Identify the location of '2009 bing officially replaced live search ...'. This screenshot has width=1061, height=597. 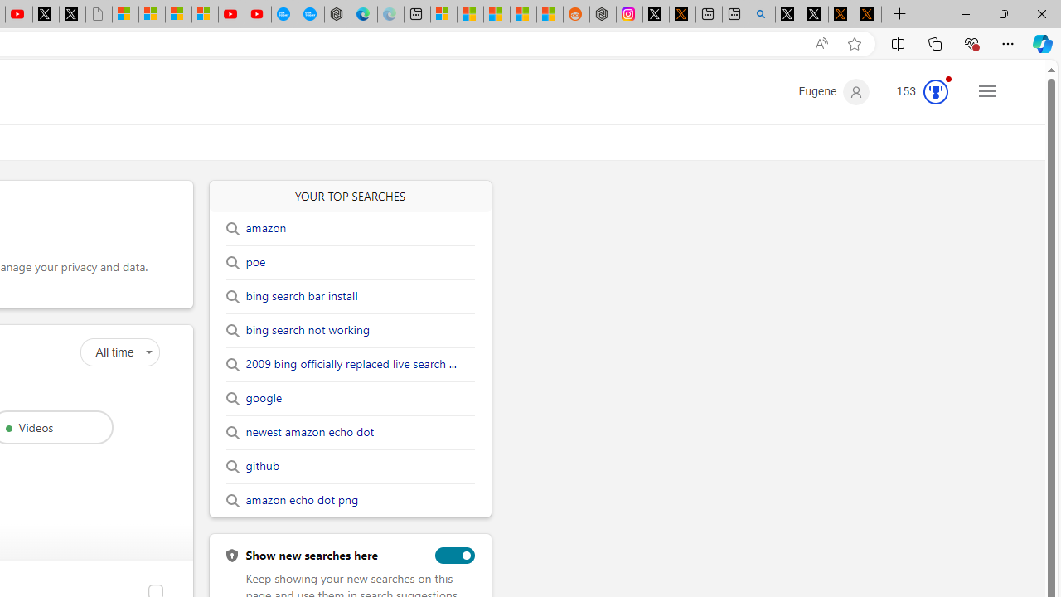
(350, 363).